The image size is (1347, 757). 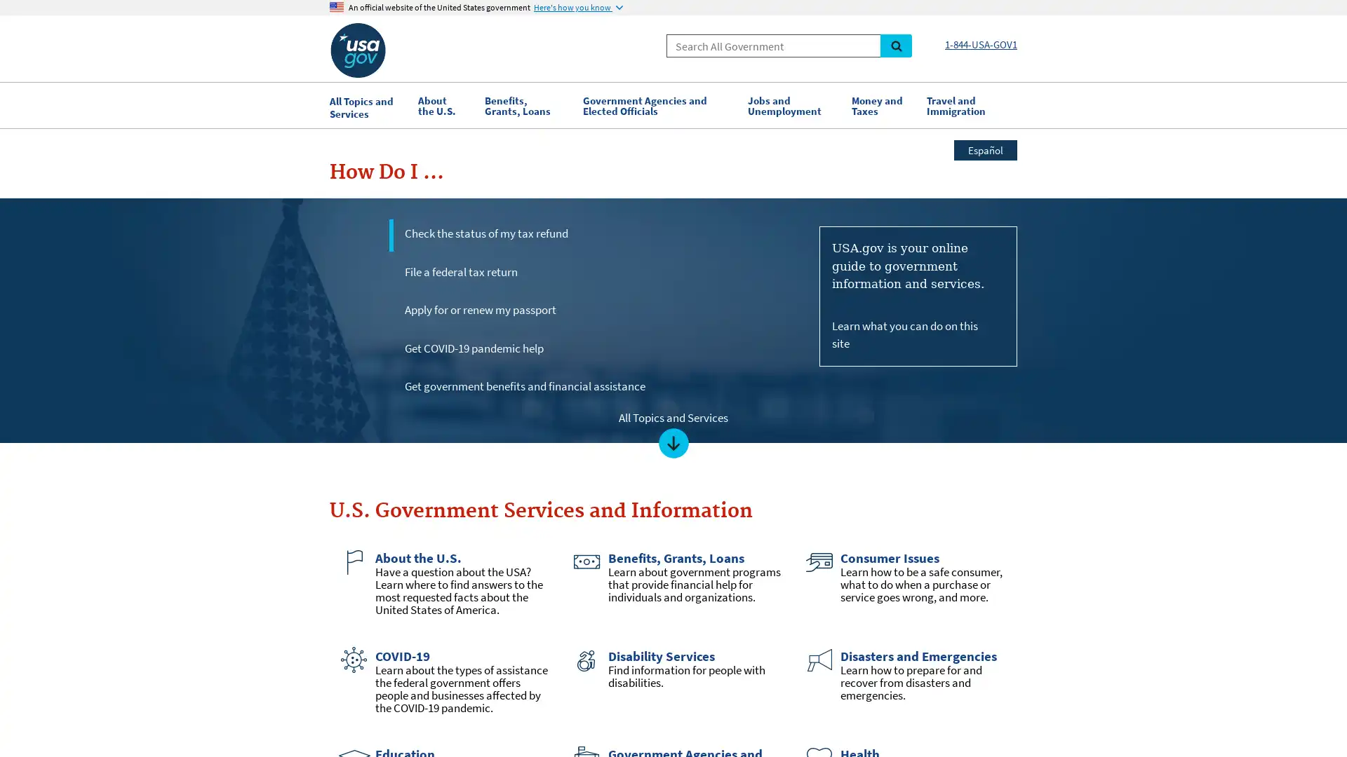 I want to click on Benefits, Grants, Loans, so click(x=525, y=104).